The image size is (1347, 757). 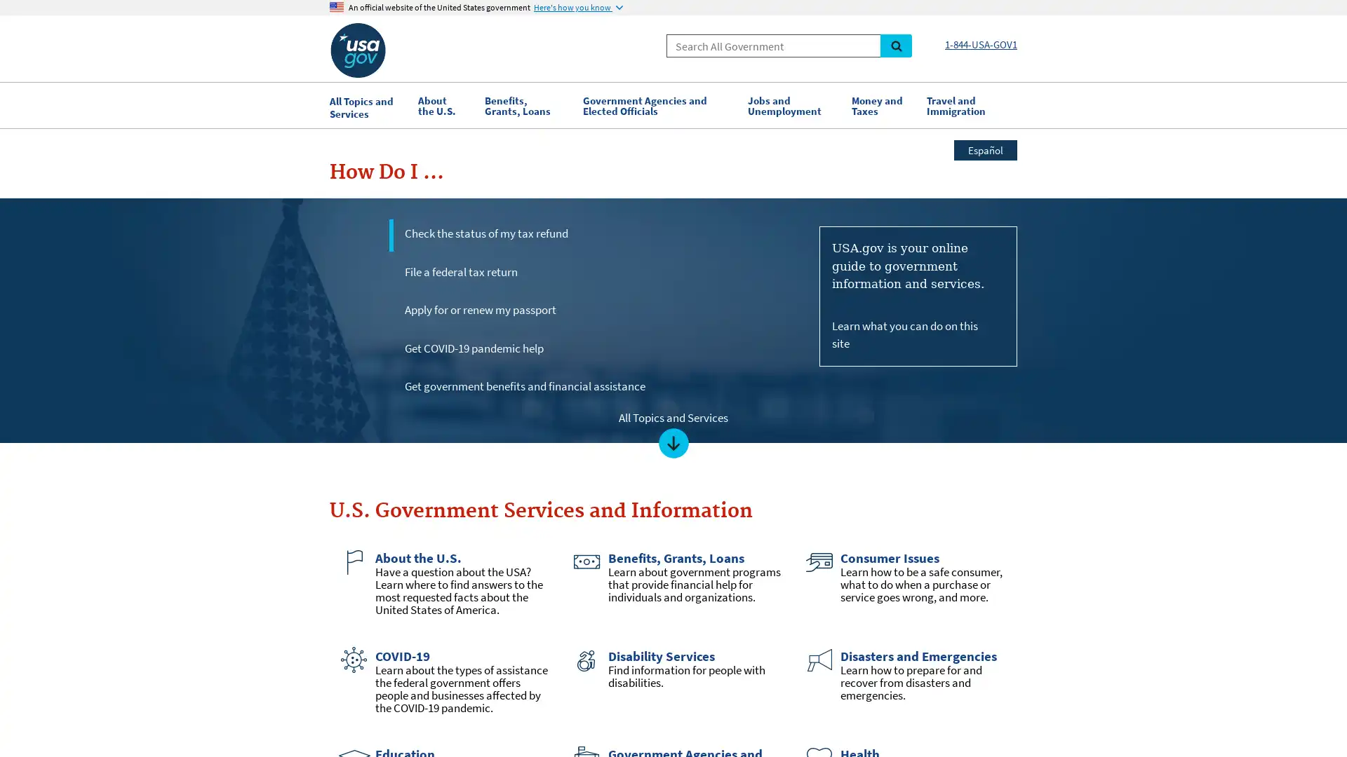 I want to click on Benefits, Grants, Loans, so click(x=525, y=104).